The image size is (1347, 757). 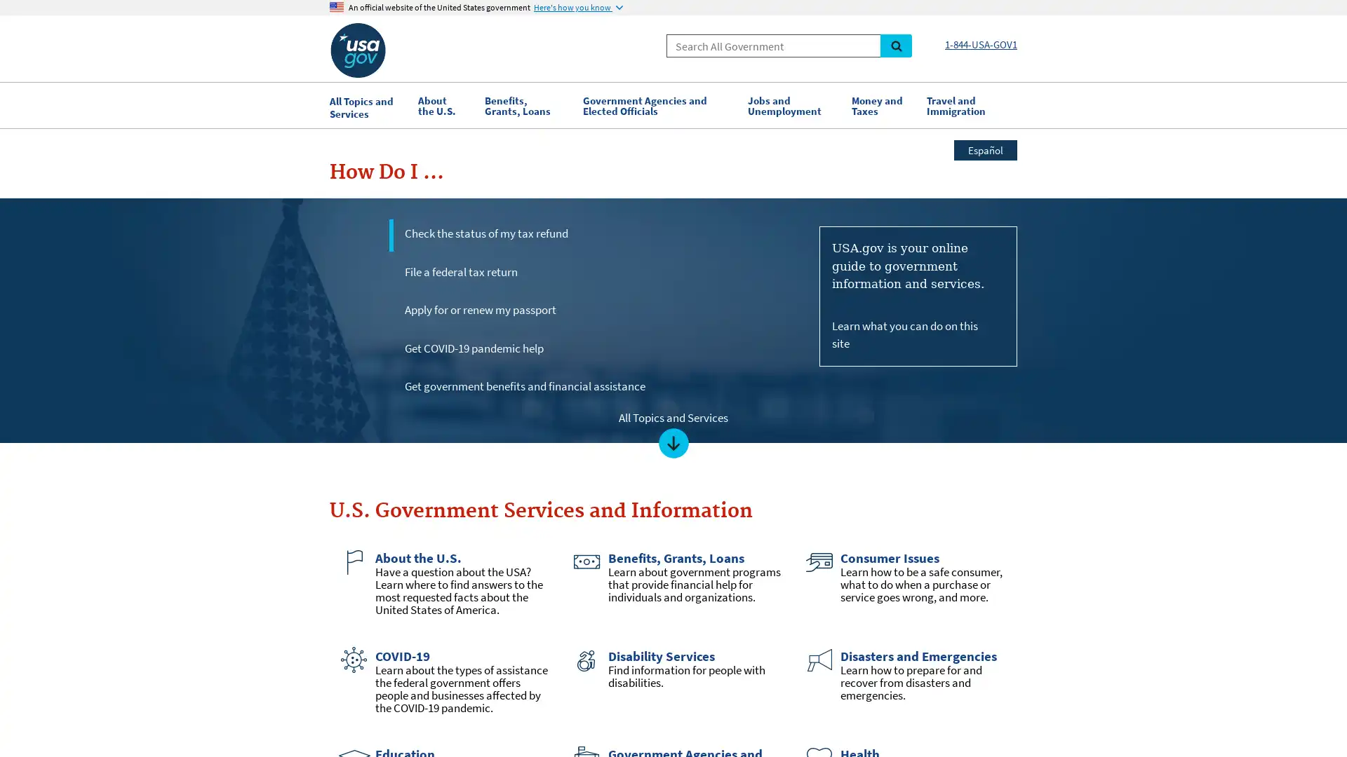 I want to click on Benefits, Grants, Loans, so click(x=525, y=104).